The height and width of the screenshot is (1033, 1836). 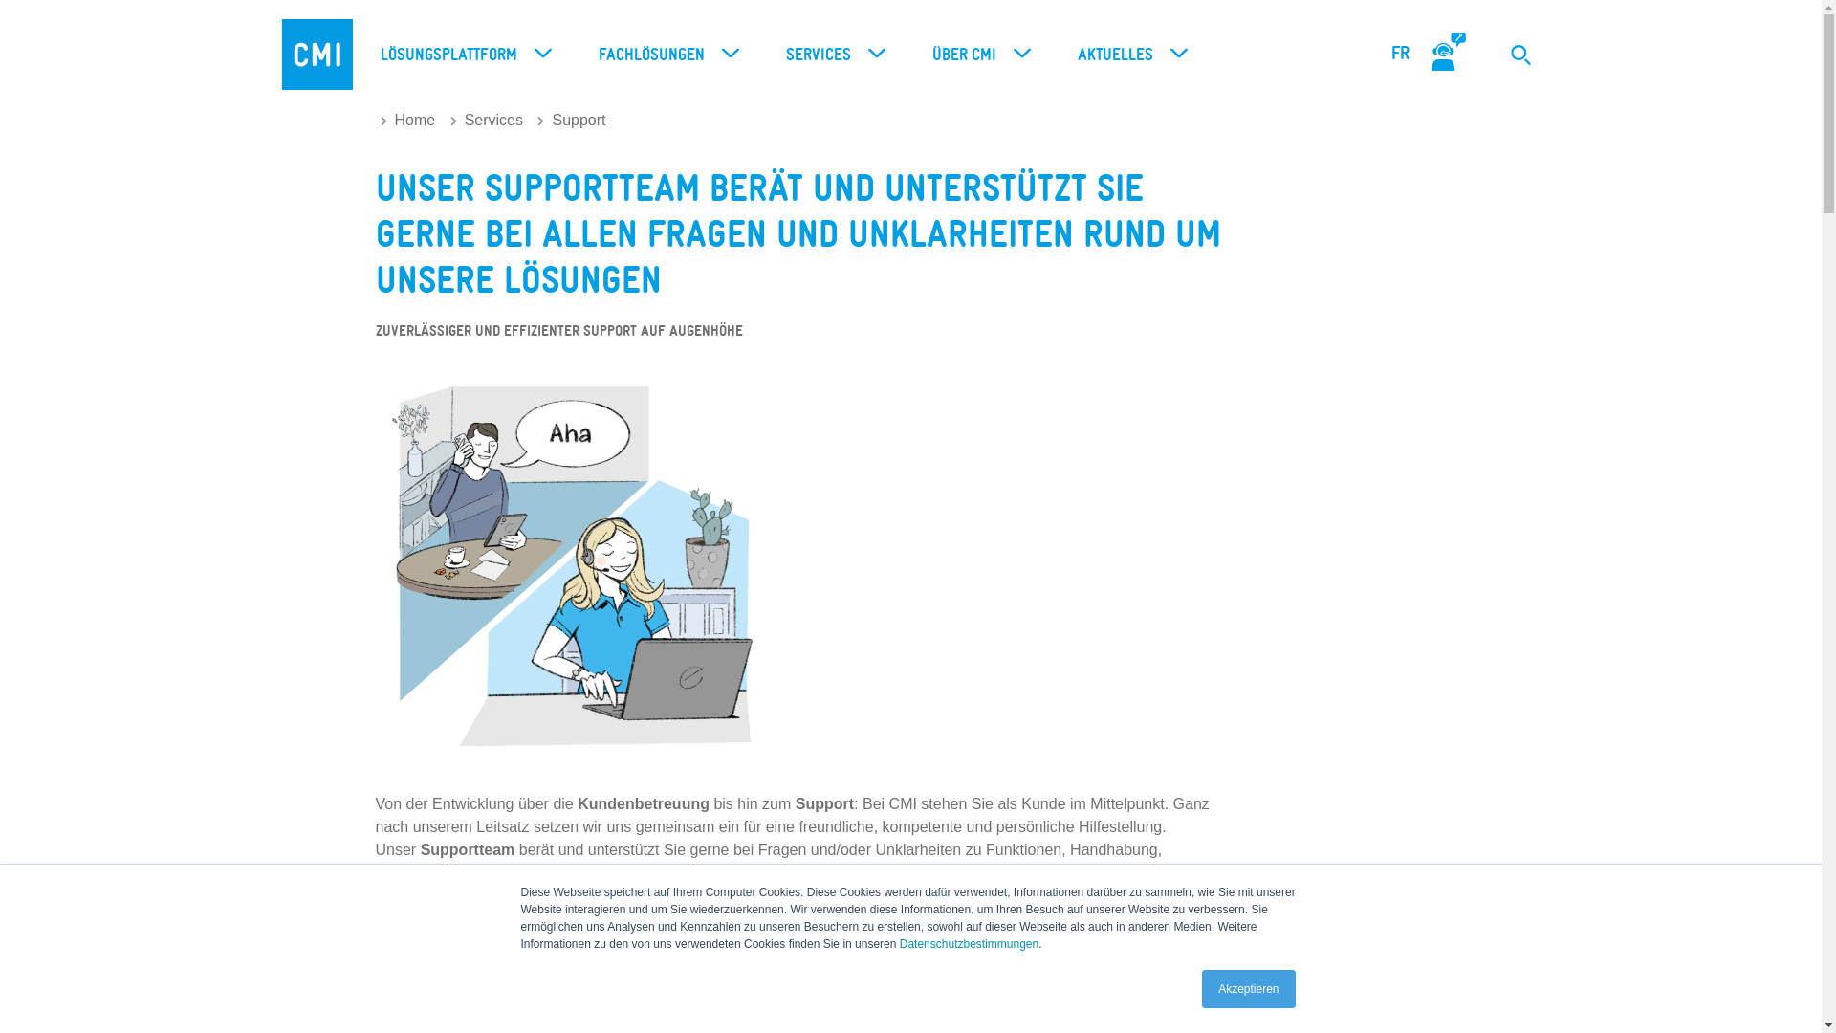 I want to click on 'Akzeptieren', so click(x=1248, y=988).